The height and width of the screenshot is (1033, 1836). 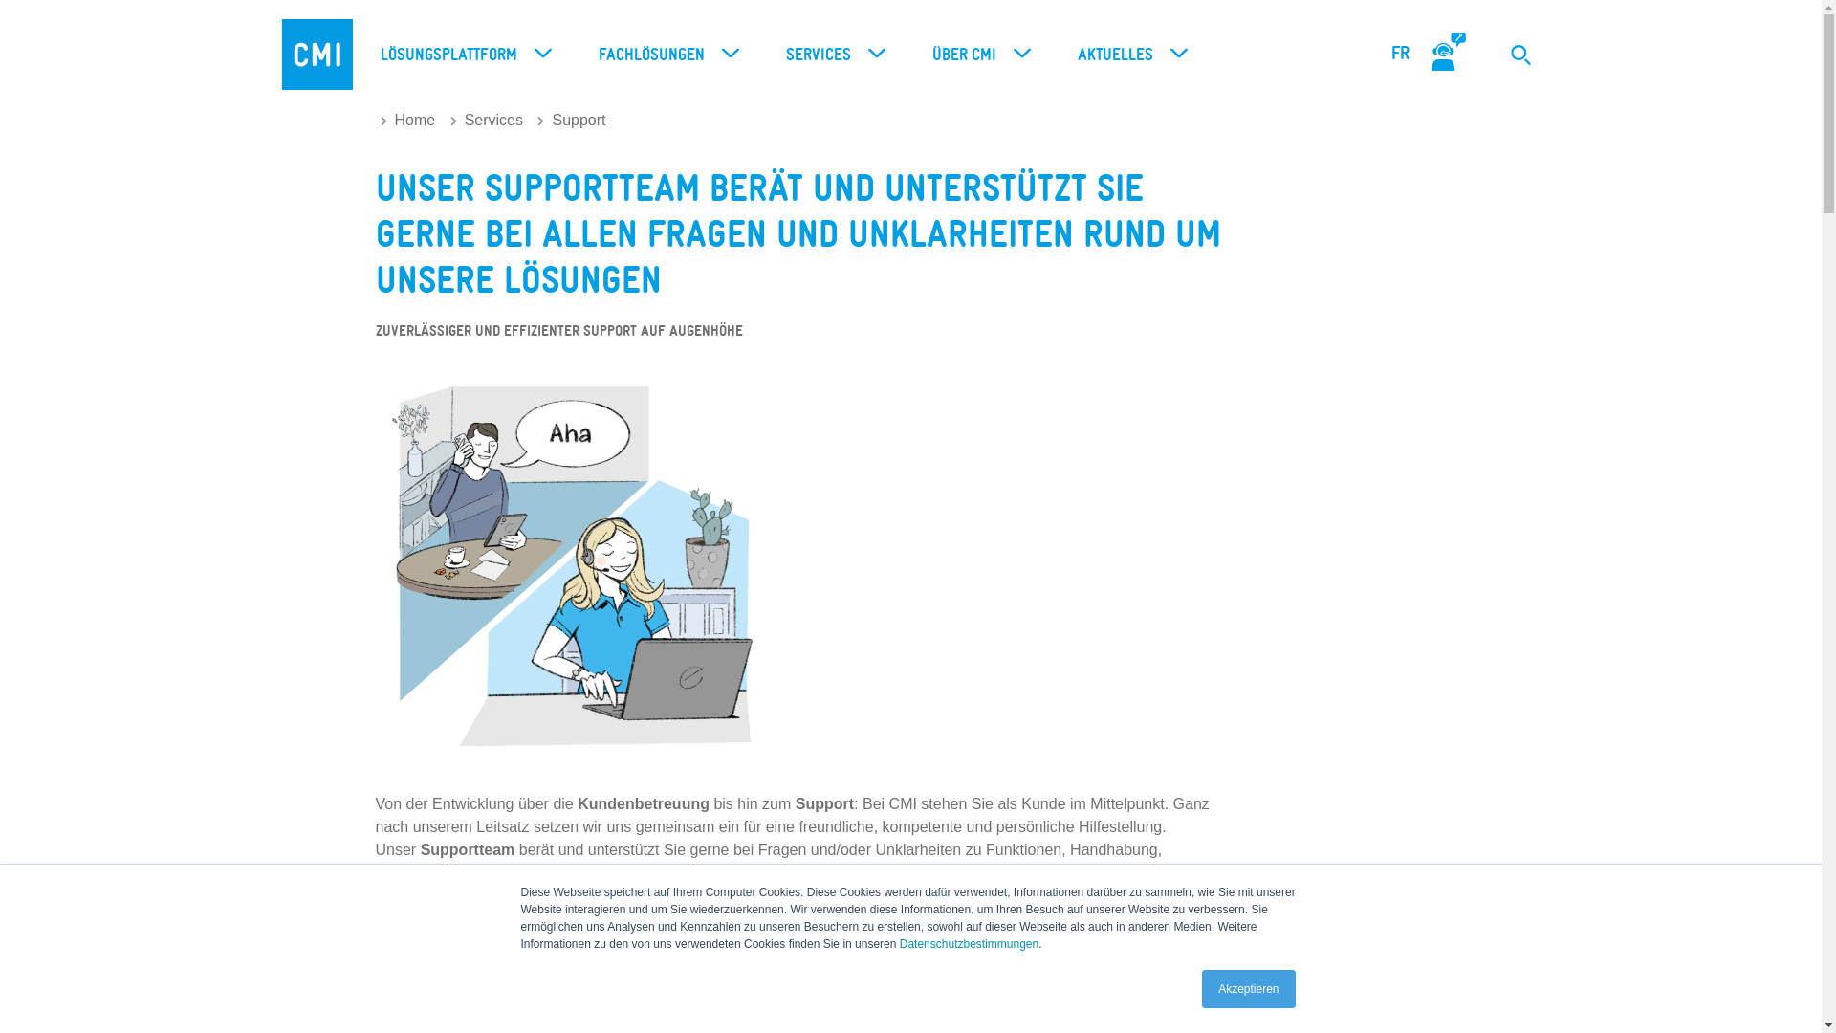 I want to click on 'Akzeptieren', so click(x=1248, y=988).